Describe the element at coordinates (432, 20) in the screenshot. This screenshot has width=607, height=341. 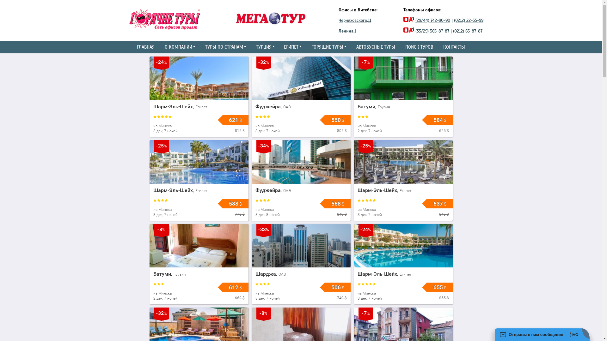
I see `'(29/44) 742-90-90'` at that location.